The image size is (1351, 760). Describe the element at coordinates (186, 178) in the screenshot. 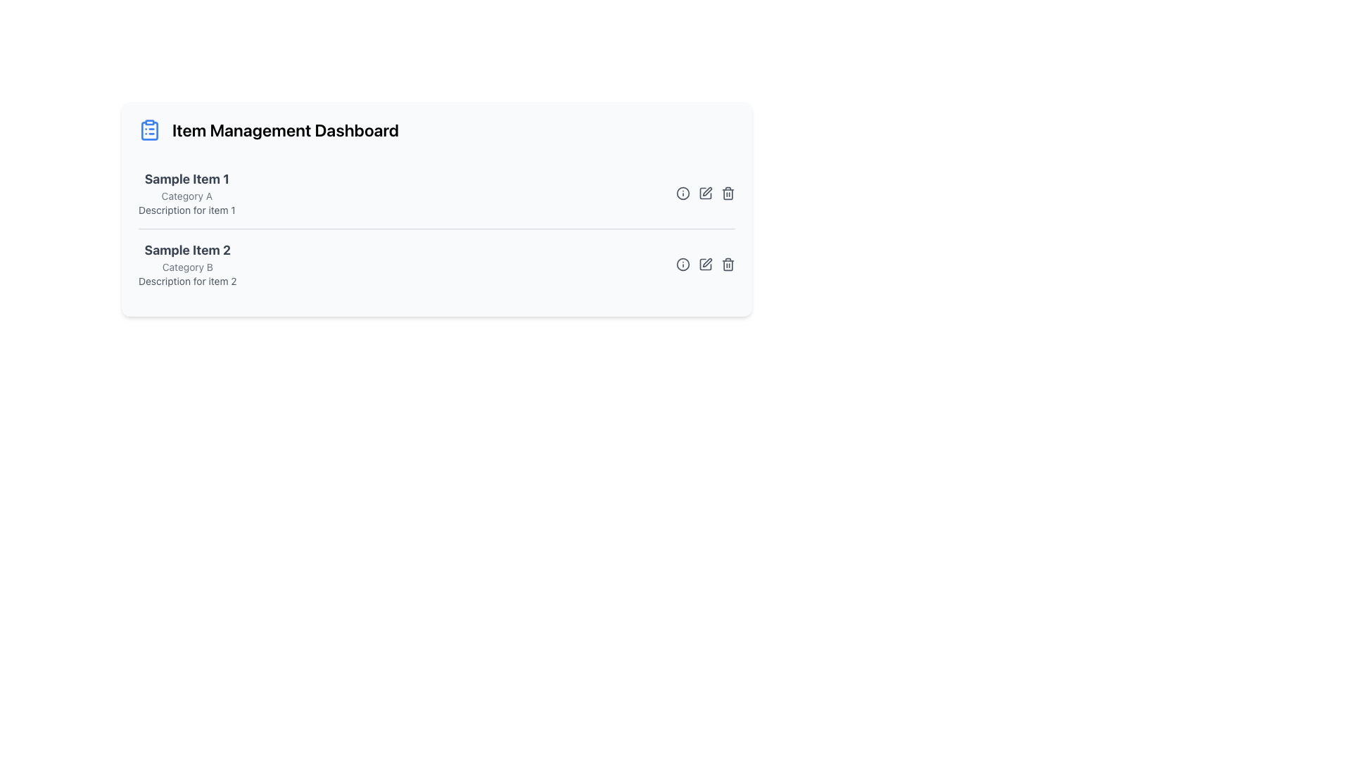

I see `the bold text element displaying 'Sample Item 1' which serves as the header for the item in the Item Management Dashboard` at that location.